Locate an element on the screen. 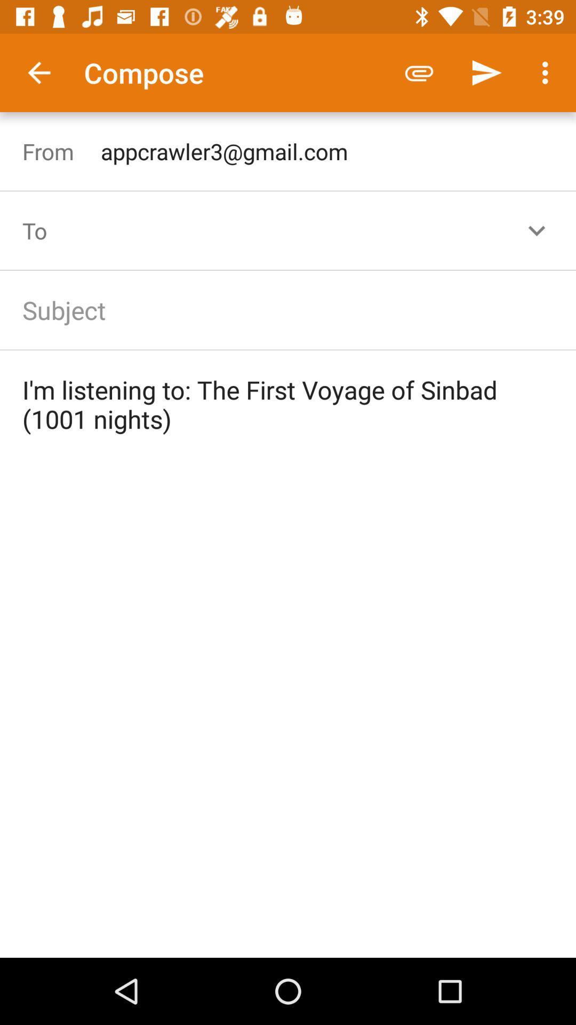 The image size is (576, 1025). the item above appcrawler3@gmail.com item is located at coordinates (548, 72).